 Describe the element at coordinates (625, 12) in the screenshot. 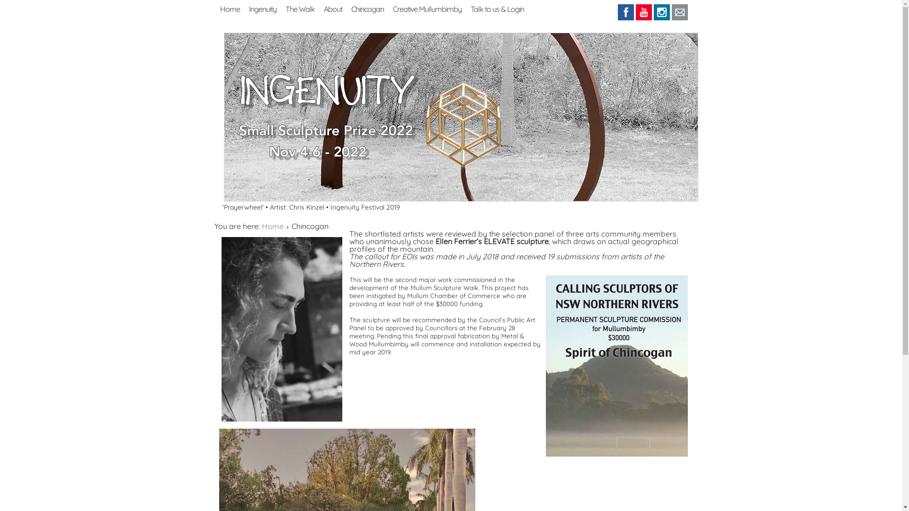

I see `'Facebook'` at that location.